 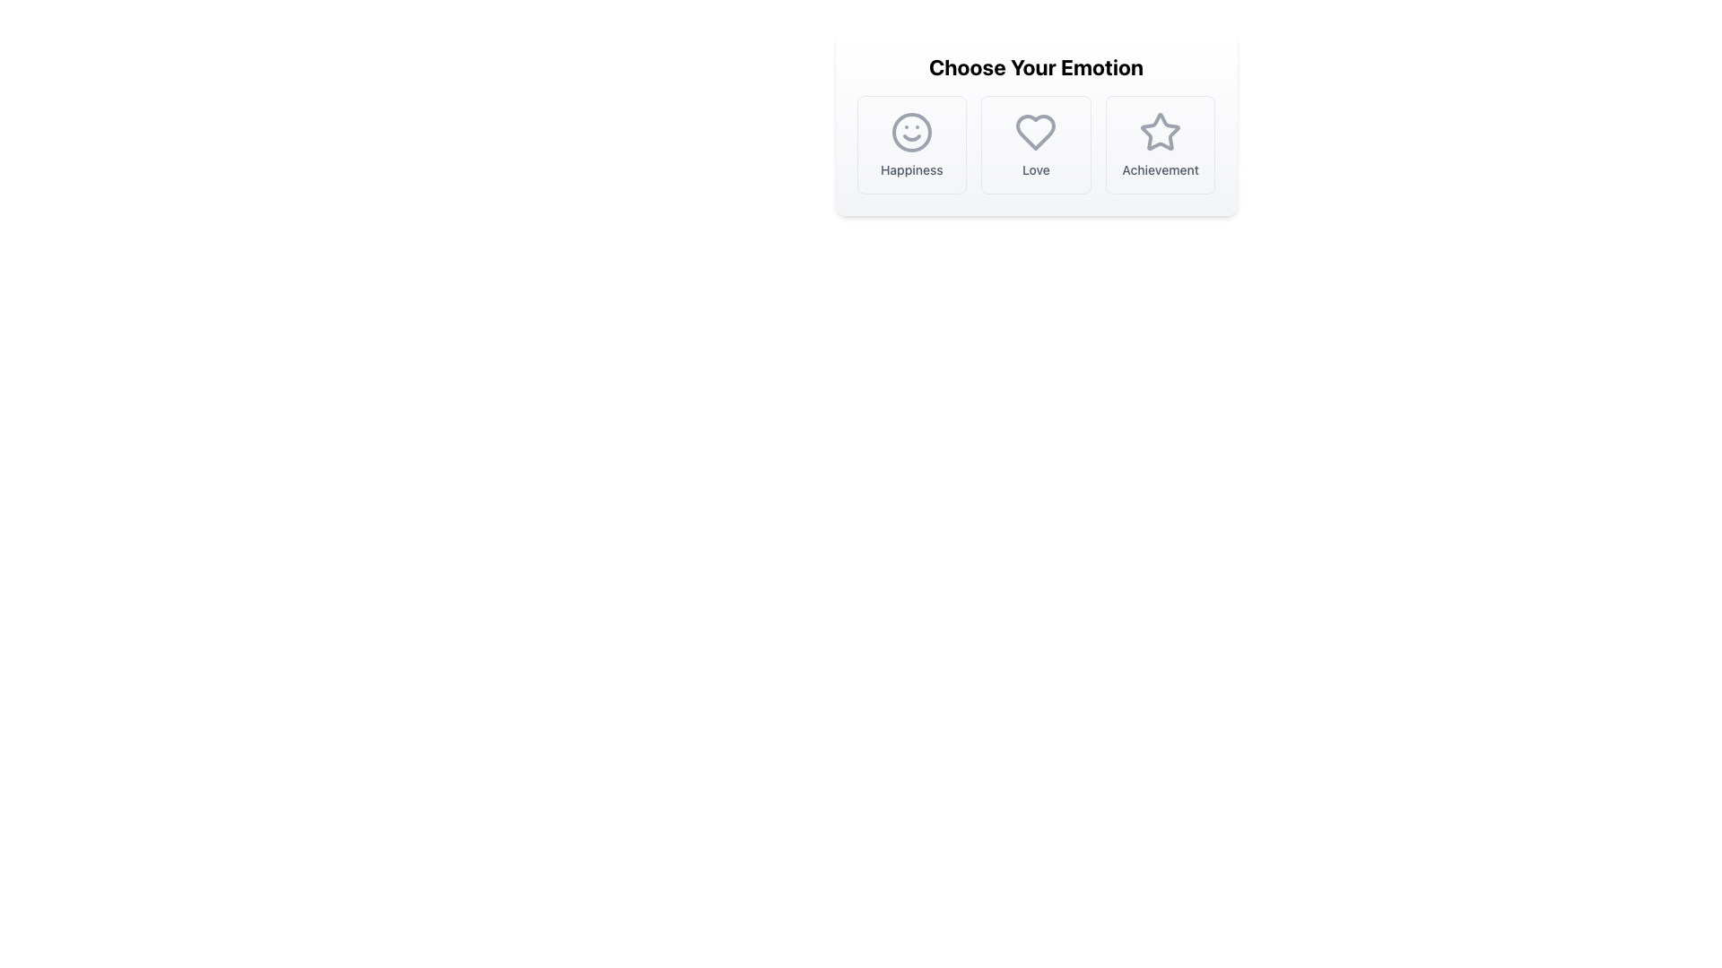 What do you see at coordinates (1036, 144) in the screenshot?
I see `the 'Love' option button, which is a square button with a white background and a heart icon above the text` at bounding box center [1036, 144].